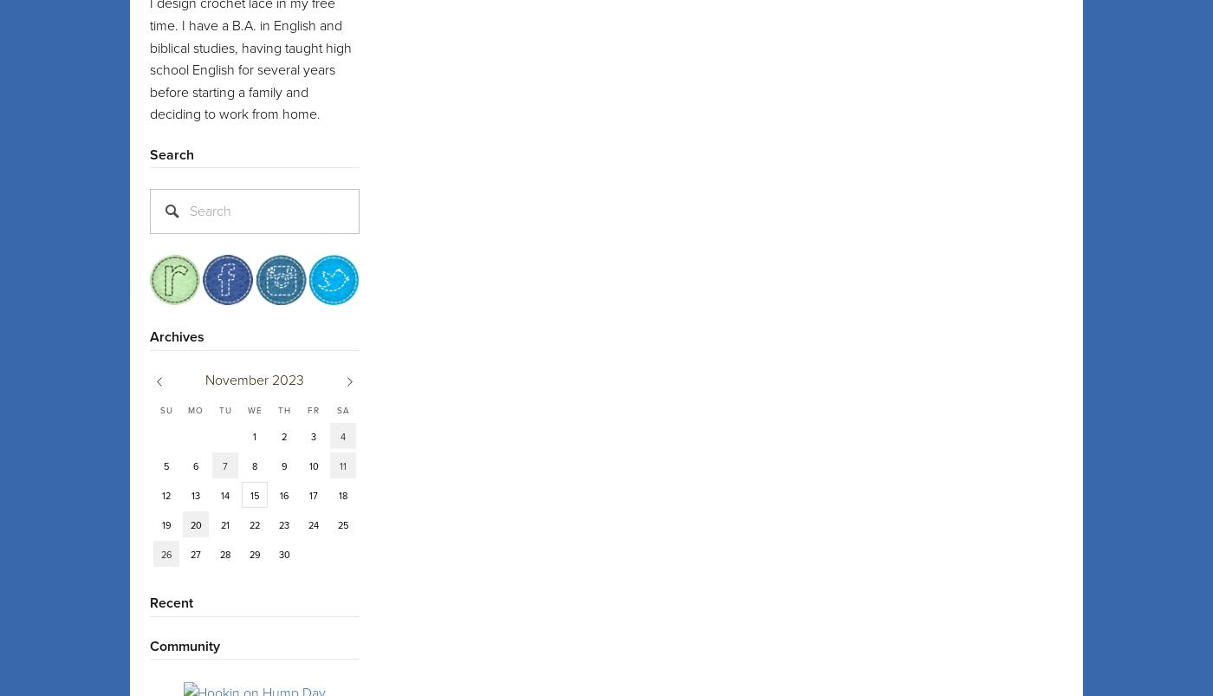 Image resolution: width=1213 pixels, height=696 pixels. Describe the element at coordinates (254, 378) in the screenshot. I see `'November 2023'` at that location.